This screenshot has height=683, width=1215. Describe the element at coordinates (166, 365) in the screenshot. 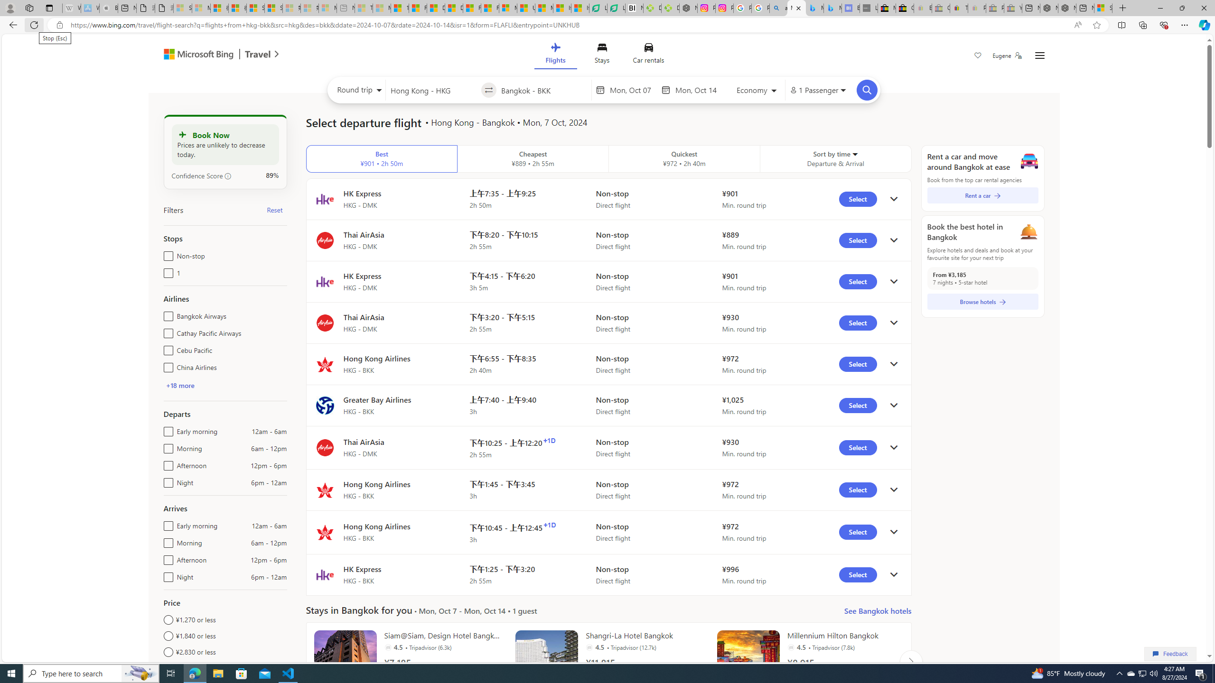

I see `'China Airlines'` at that location.